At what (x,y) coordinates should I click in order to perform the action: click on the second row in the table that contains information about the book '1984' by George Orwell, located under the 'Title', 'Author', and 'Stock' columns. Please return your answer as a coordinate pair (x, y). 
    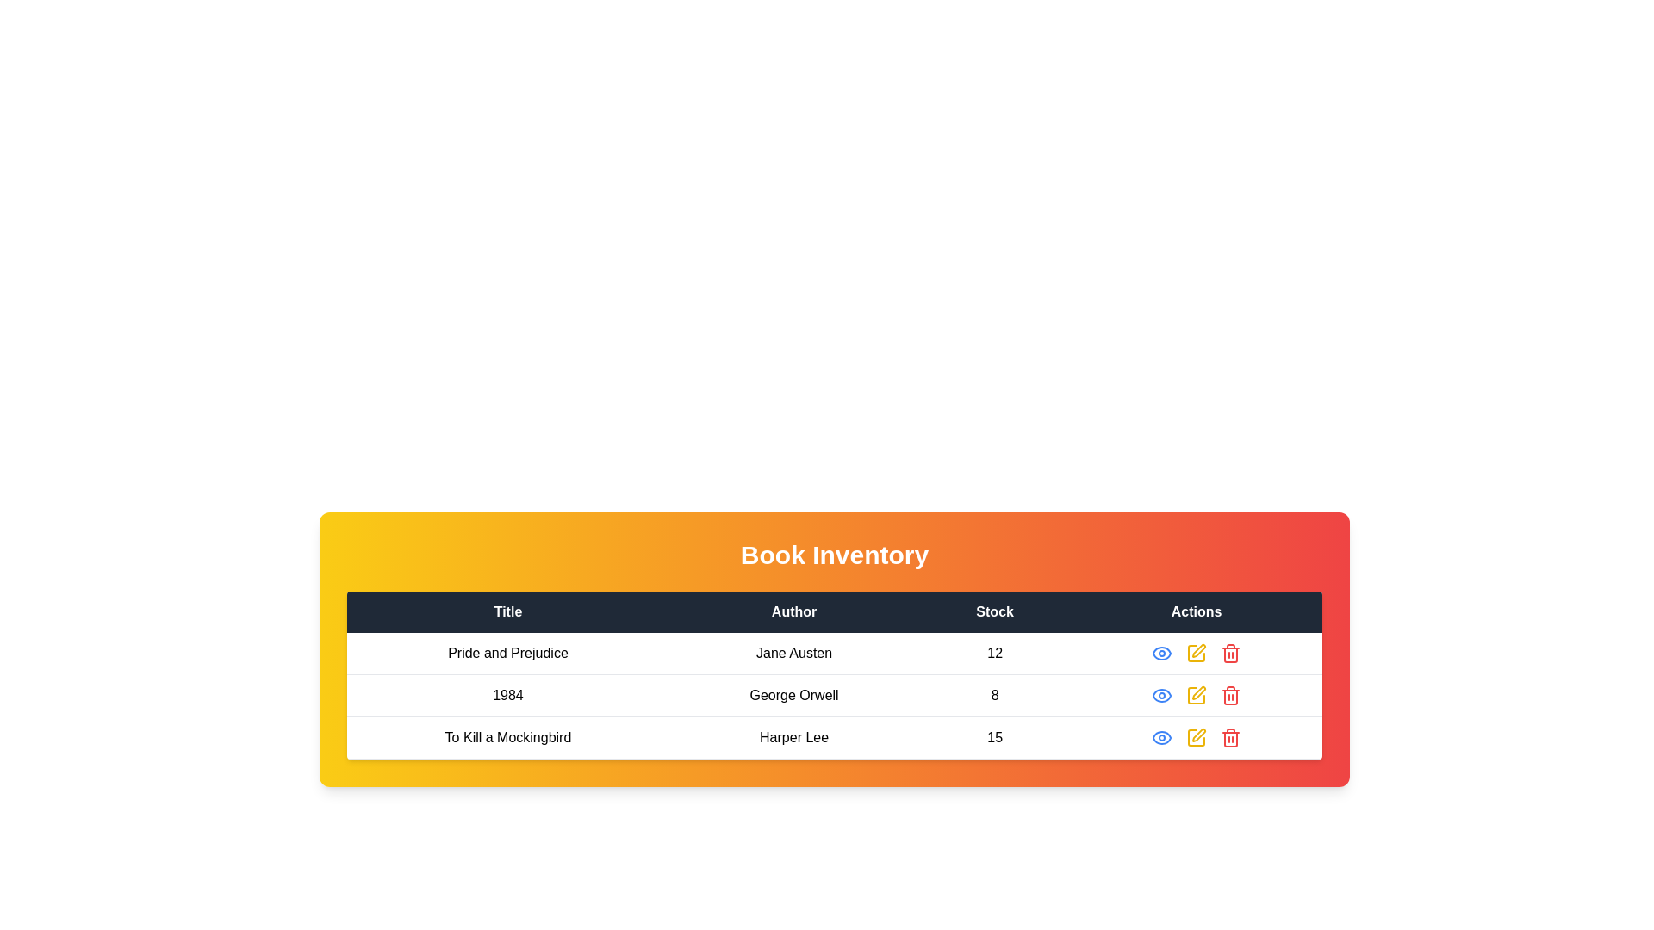
    Looking at the image, I should click on (835, 694).